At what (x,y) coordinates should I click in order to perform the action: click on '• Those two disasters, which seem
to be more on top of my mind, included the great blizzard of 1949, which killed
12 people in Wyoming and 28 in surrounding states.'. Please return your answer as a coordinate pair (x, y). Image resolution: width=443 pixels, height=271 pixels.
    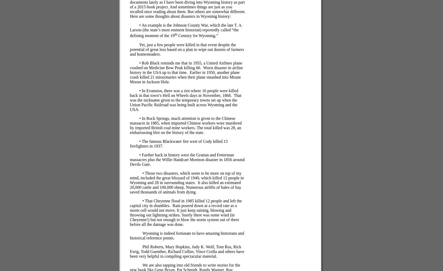
    Looking at the image, I should click on (186, 177).